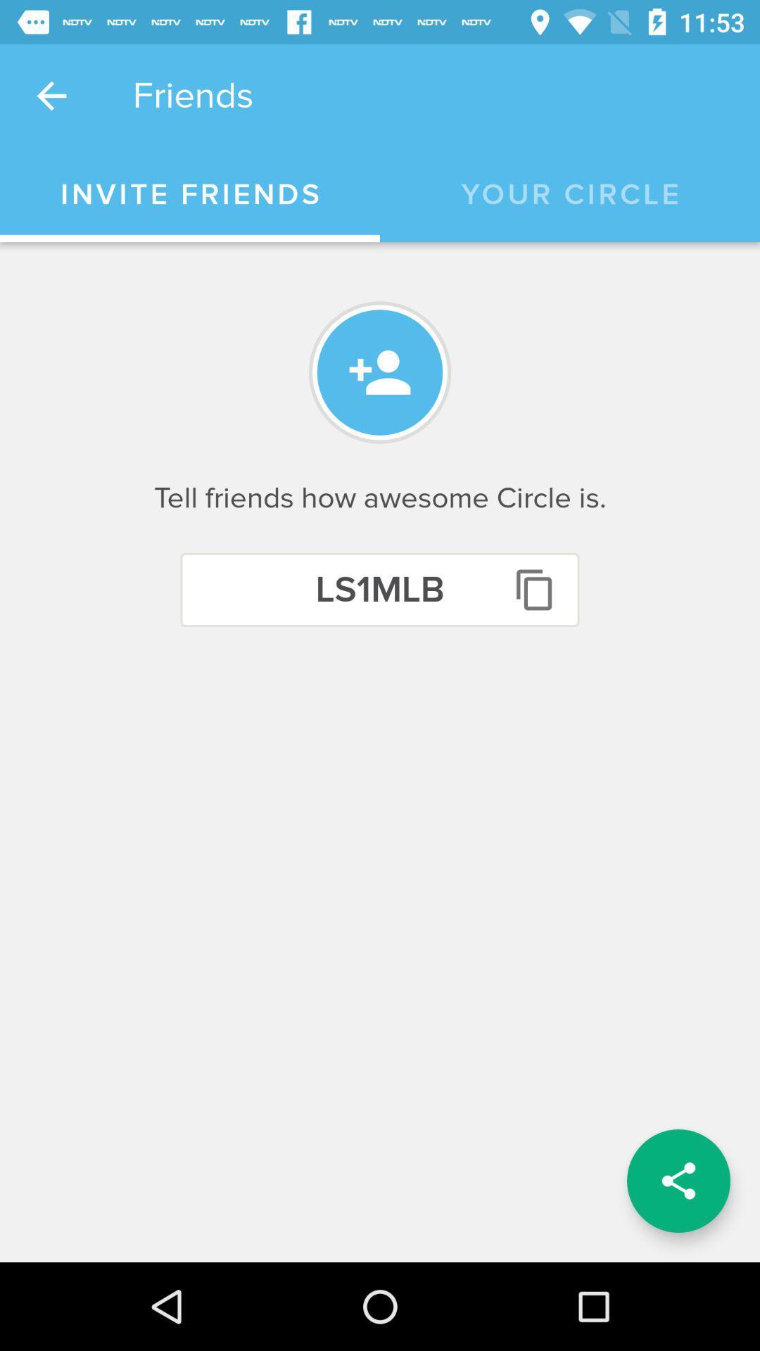  What do you see at coordinates (51, 95) in the screenshot?
I see `item to the left of friends item` at bounding box center [51, 95].